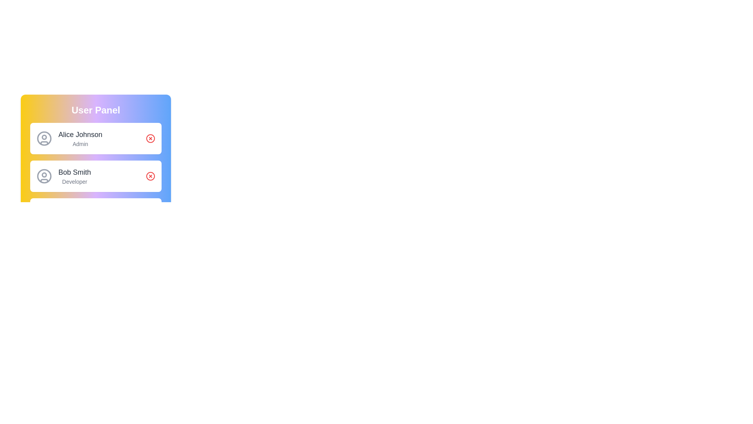  I want to click on displayed information from the user interface panel that lists users, including their names and roles, located at the top-center of the interface, so click(95, 140).